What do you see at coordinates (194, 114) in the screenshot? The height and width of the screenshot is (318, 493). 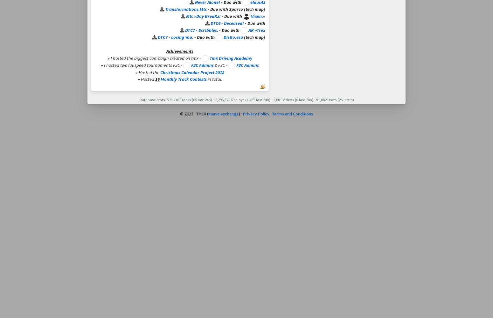 I see `'© 2023 · TM1X ('` at bounding box center [194, 114].